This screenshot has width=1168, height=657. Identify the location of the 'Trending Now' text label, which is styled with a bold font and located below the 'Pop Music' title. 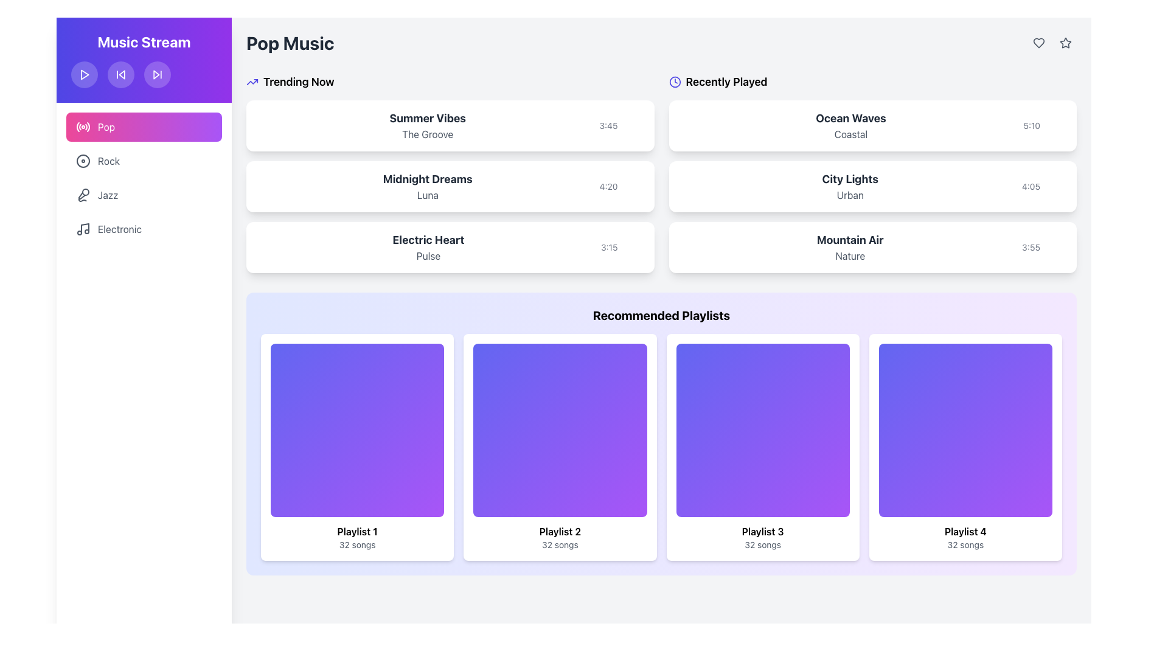
(299, 82).